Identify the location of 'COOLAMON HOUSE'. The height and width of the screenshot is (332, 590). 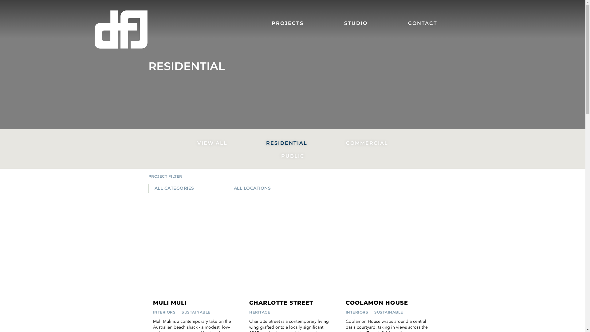
(376, 302).